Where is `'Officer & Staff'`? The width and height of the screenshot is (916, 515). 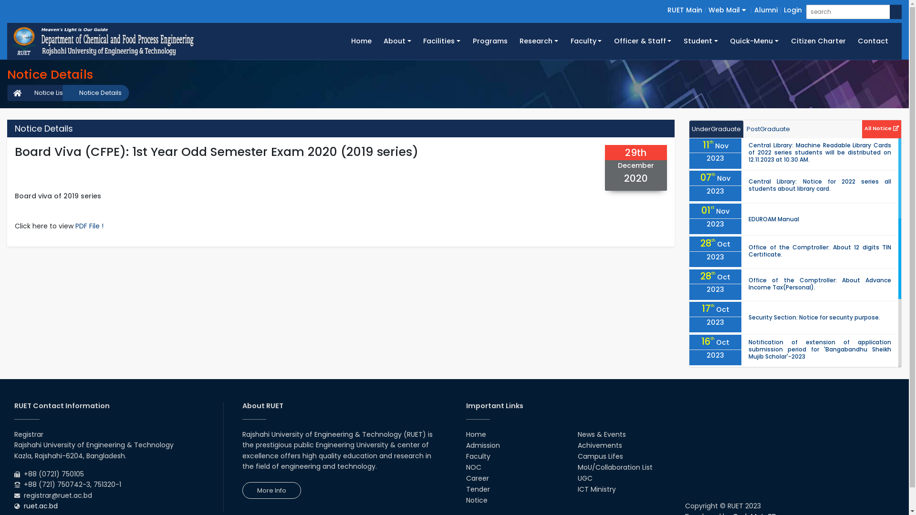 'Officer & Staff' is located at coordinates (643, 41).